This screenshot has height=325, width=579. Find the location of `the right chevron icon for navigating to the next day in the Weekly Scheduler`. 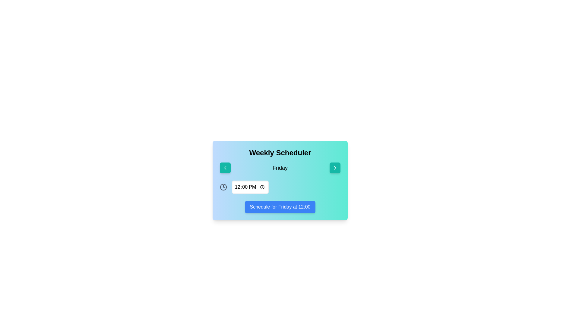

the right chevron icon for navigating to the next day in the Weekly Scheduler is located at coordinates (334, 168).